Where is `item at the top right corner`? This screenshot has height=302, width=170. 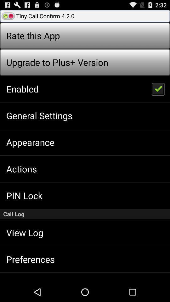
item at the top right corner is located at coordinates (157, 88).